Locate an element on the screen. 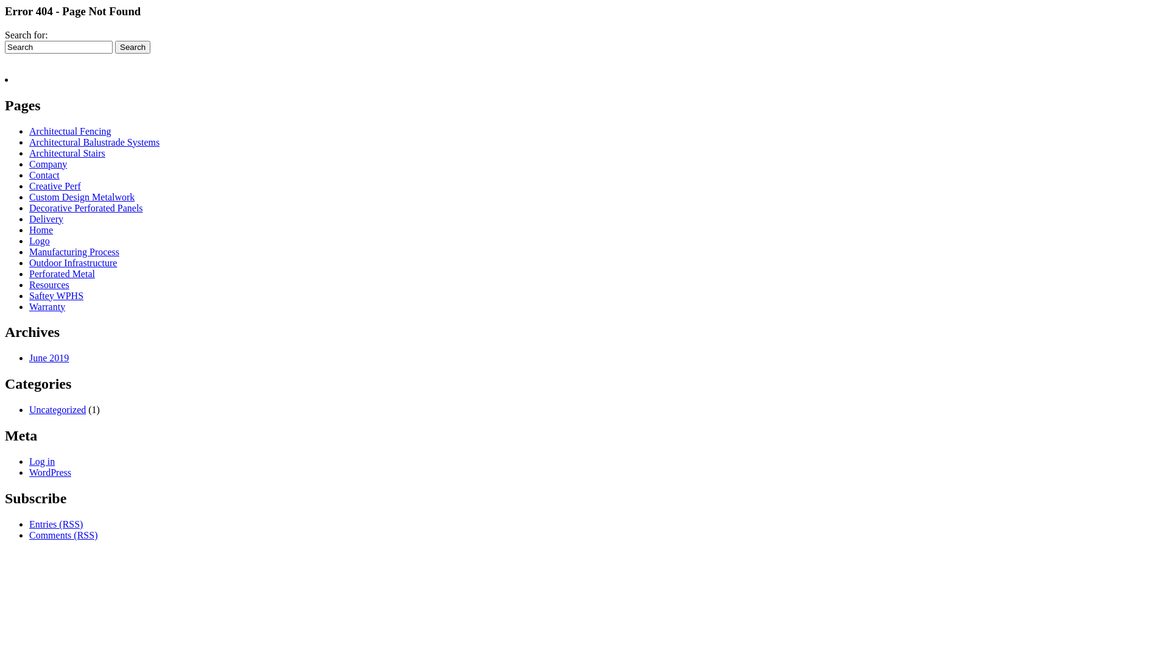 Image resolution: width=1169 pixels, height=658 pixels. 'Architectural Balustrade Systems' is located at coordinates (93, 141).